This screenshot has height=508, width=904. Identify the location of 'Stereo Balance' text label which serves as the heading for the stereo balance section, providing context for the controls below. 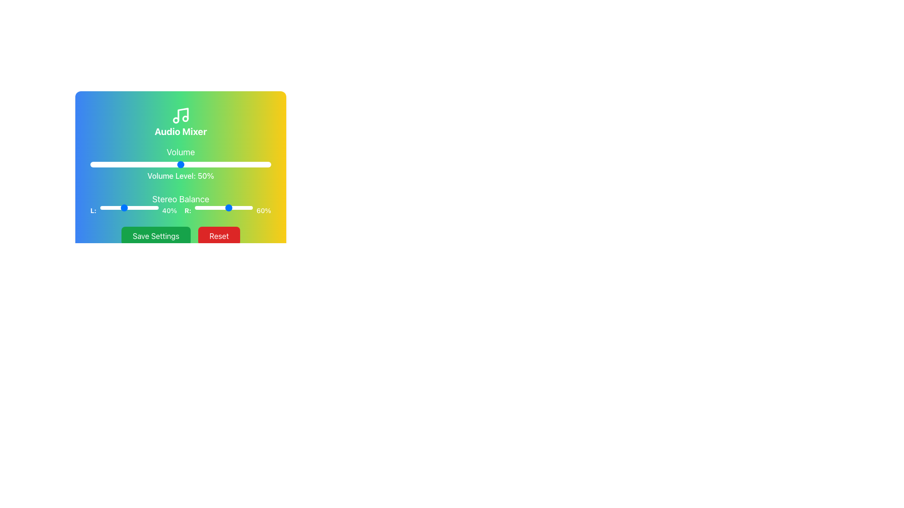
(181, 199).